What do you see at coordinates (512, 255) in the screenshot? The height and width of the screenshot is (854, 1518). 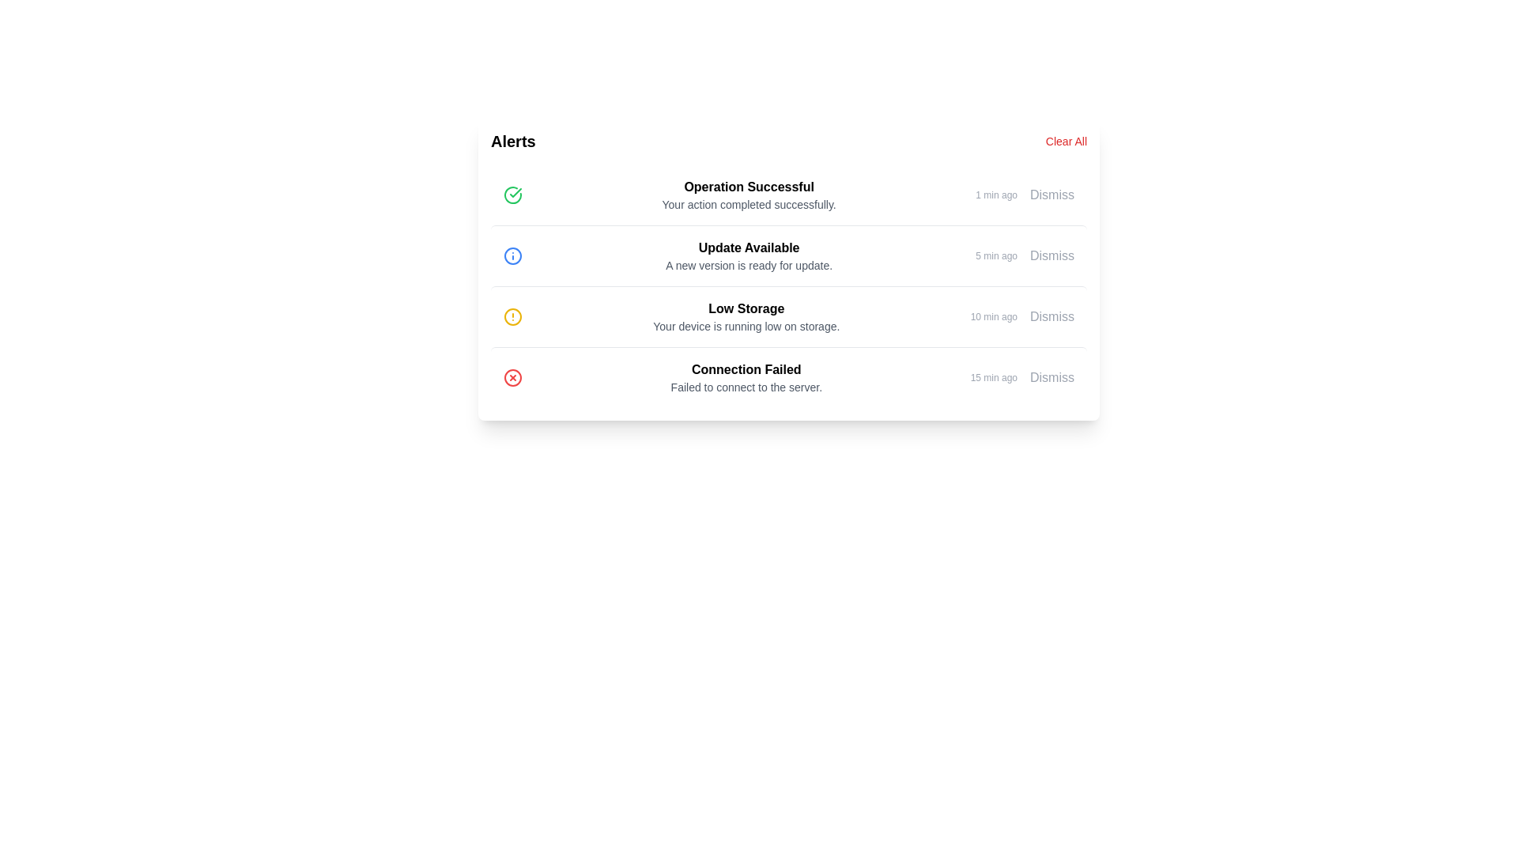 I see `the 'Update Available' notification icon, which is uniquely styled and located in the second row of the notifications` at bounding box center [512, 255].